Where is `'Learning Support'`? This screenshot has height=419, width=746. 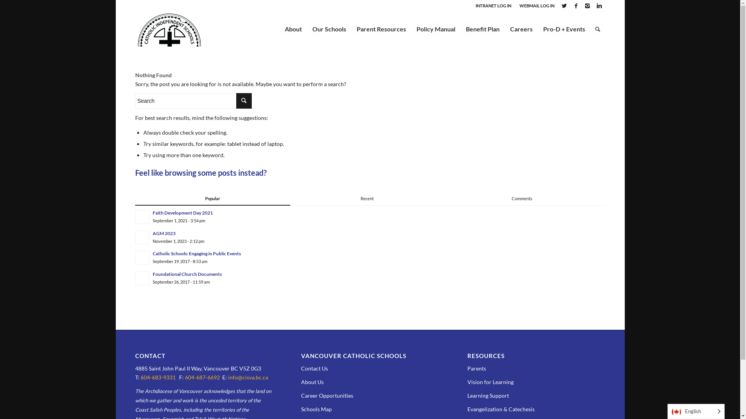 'Learning Support' is located at coordinates (488, 395).